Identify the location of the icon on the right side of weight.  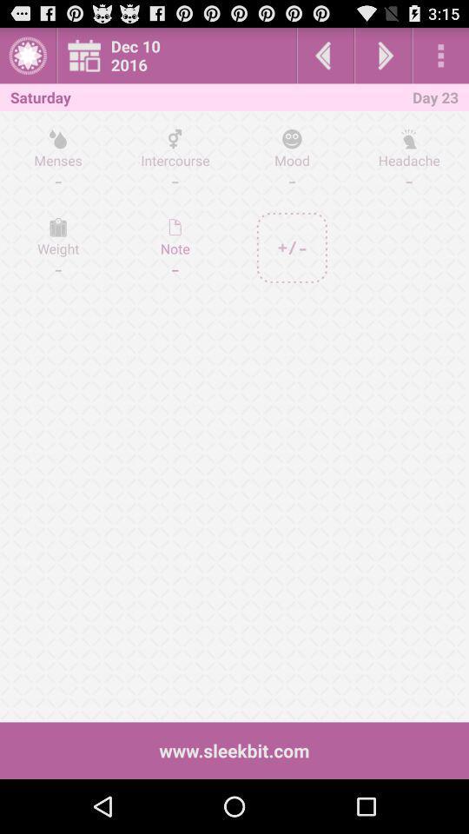
(175, 247).